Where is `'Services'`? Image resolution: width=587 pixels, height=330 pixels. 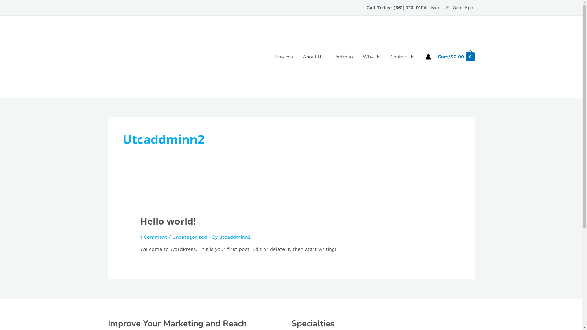 'Services' is located at coordinates (283, 57).